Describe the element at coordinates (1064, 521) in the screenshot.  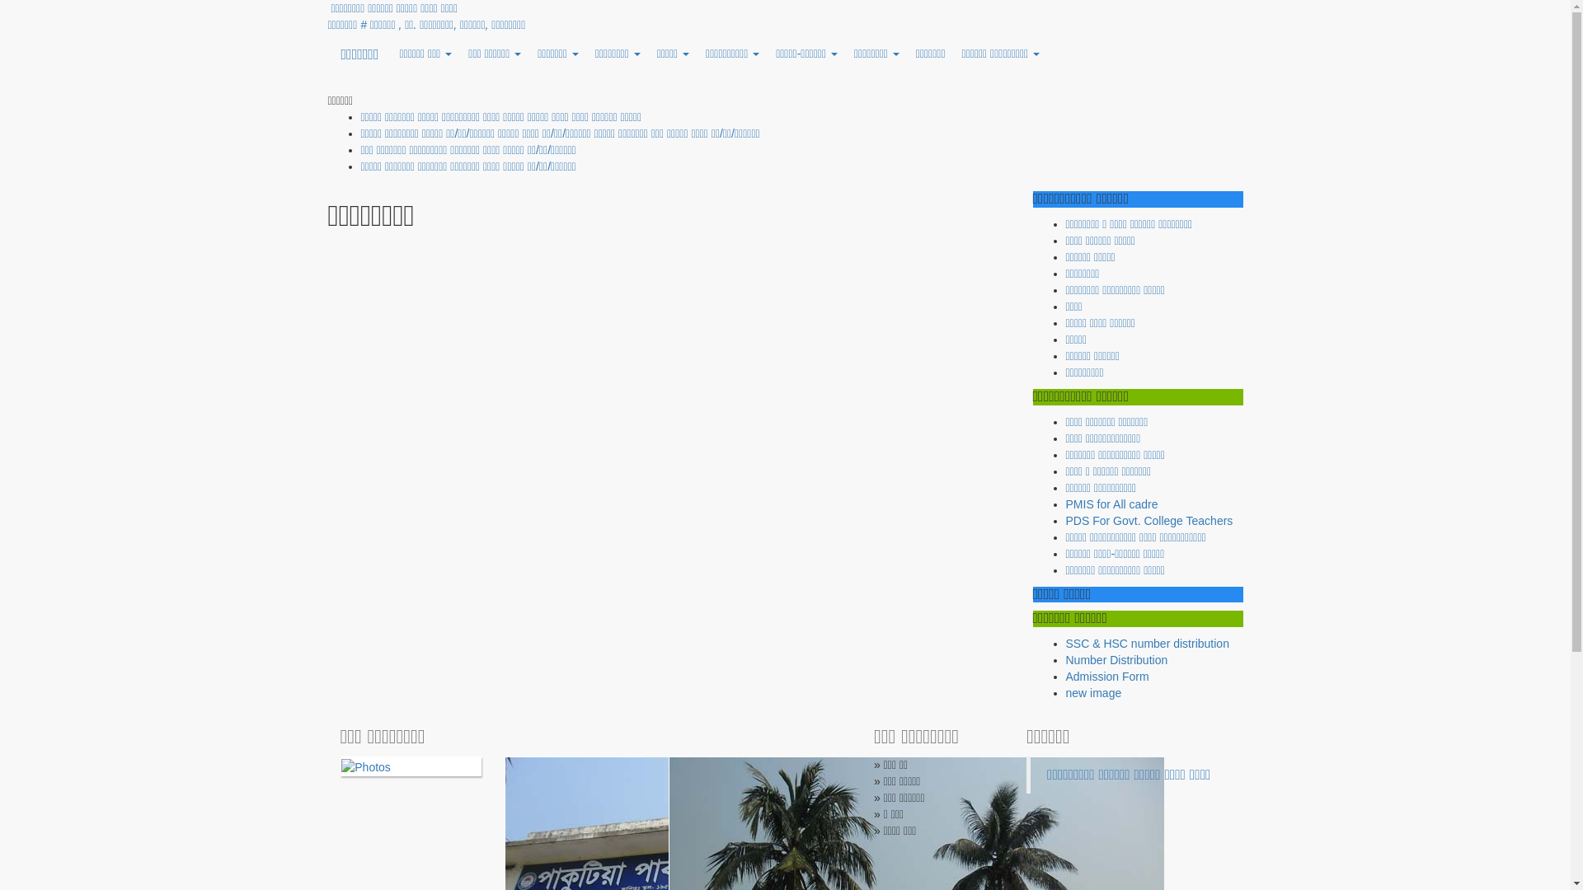
I see `'PDS For Govt. College Teachers'` at that location.